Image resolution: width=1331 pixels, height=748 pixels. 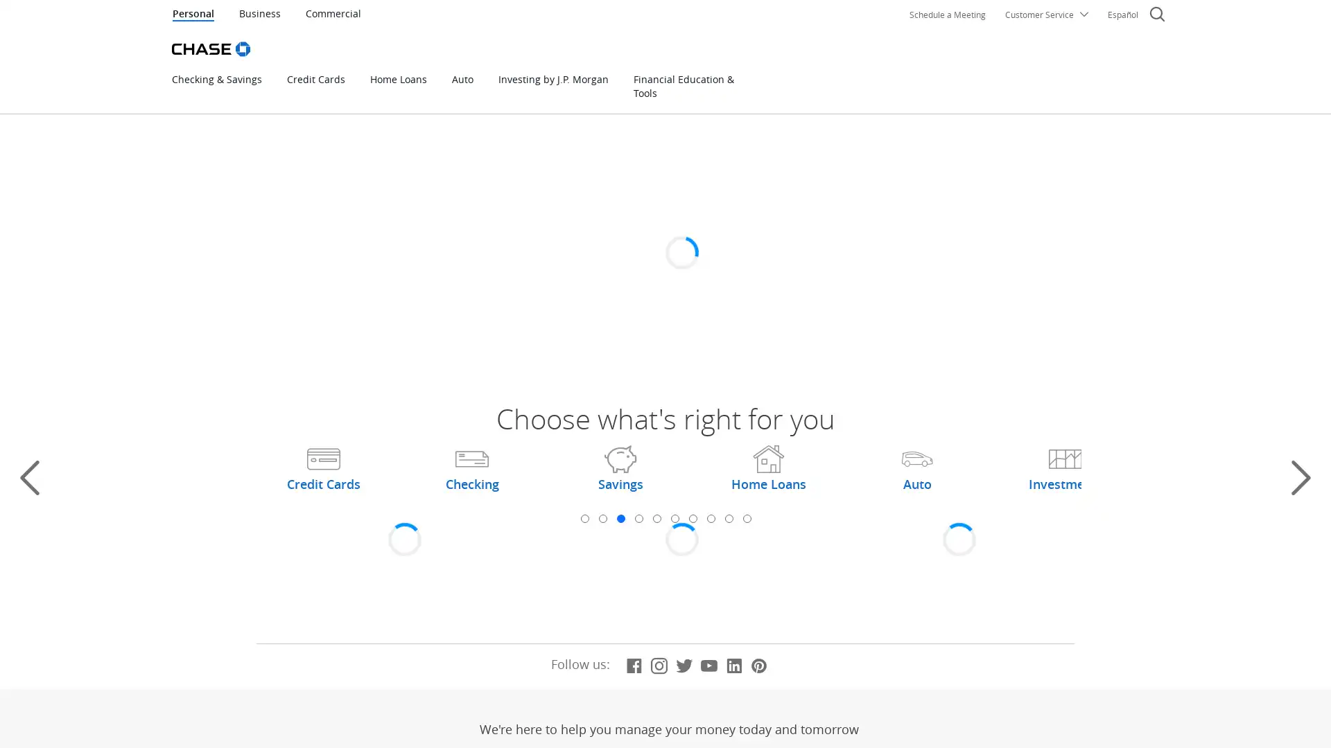 What do you see at coordinates (619, 518) in the screenshot?
I see `Slide 3 of 10, selected` at bounding box center [619, 518].